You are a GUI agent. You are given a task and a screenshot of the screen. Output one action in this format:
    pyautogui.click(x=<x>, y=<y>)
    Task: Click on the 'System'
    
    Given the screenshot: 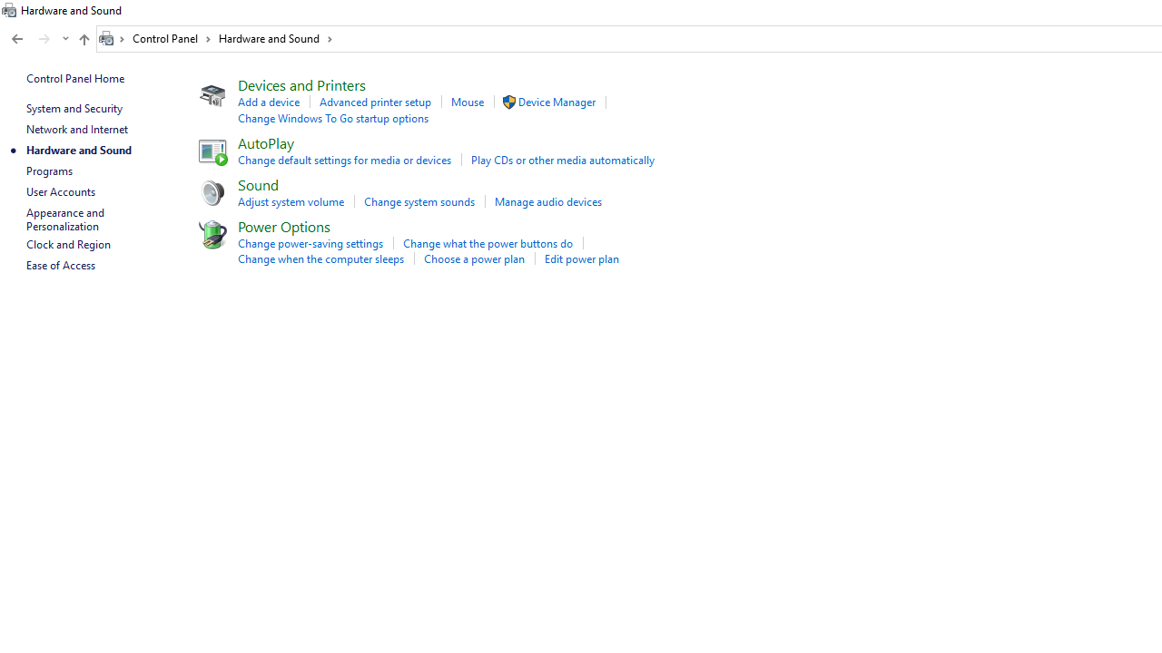 What is the action you would take?
    pyautogui.click(x=9, y=10)
    